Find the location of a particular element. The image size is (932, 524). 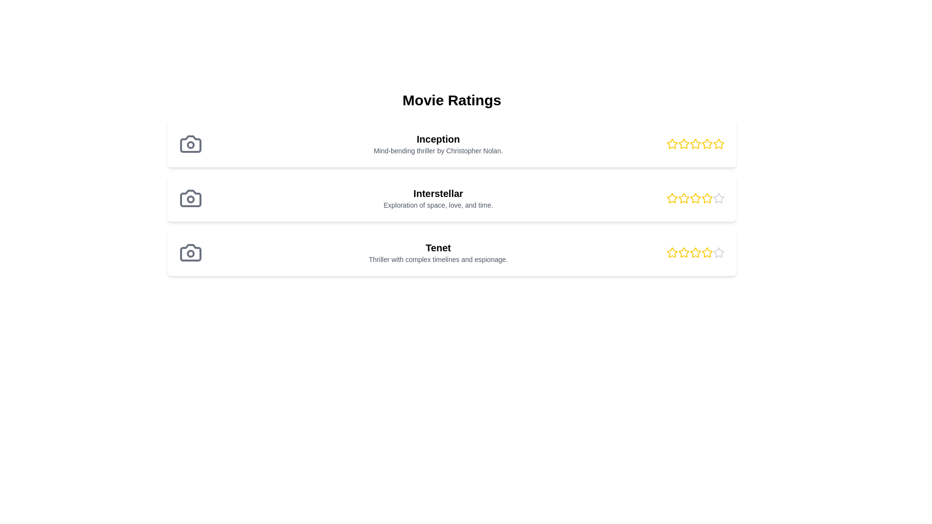

the second star in the interactive star rating icon for the movie 'Interstellar' to assign a rating is located at coordinates (671, 197).